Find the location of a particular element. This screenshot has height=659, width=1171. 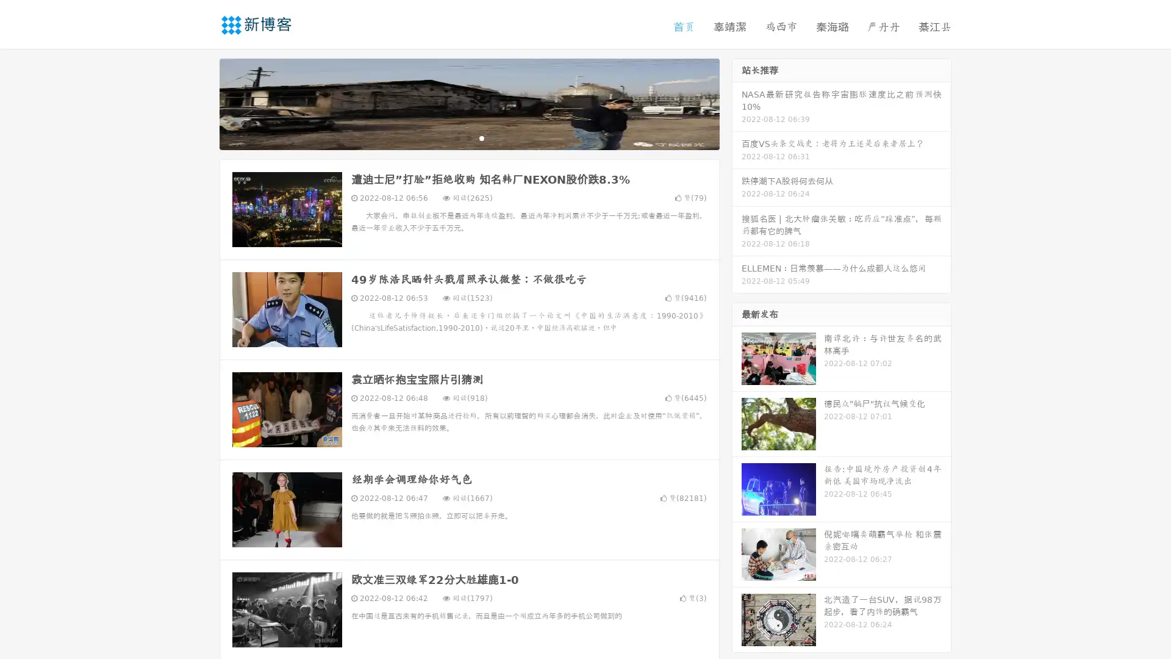

Go to slide 3 is located at coordinates (481, 137).